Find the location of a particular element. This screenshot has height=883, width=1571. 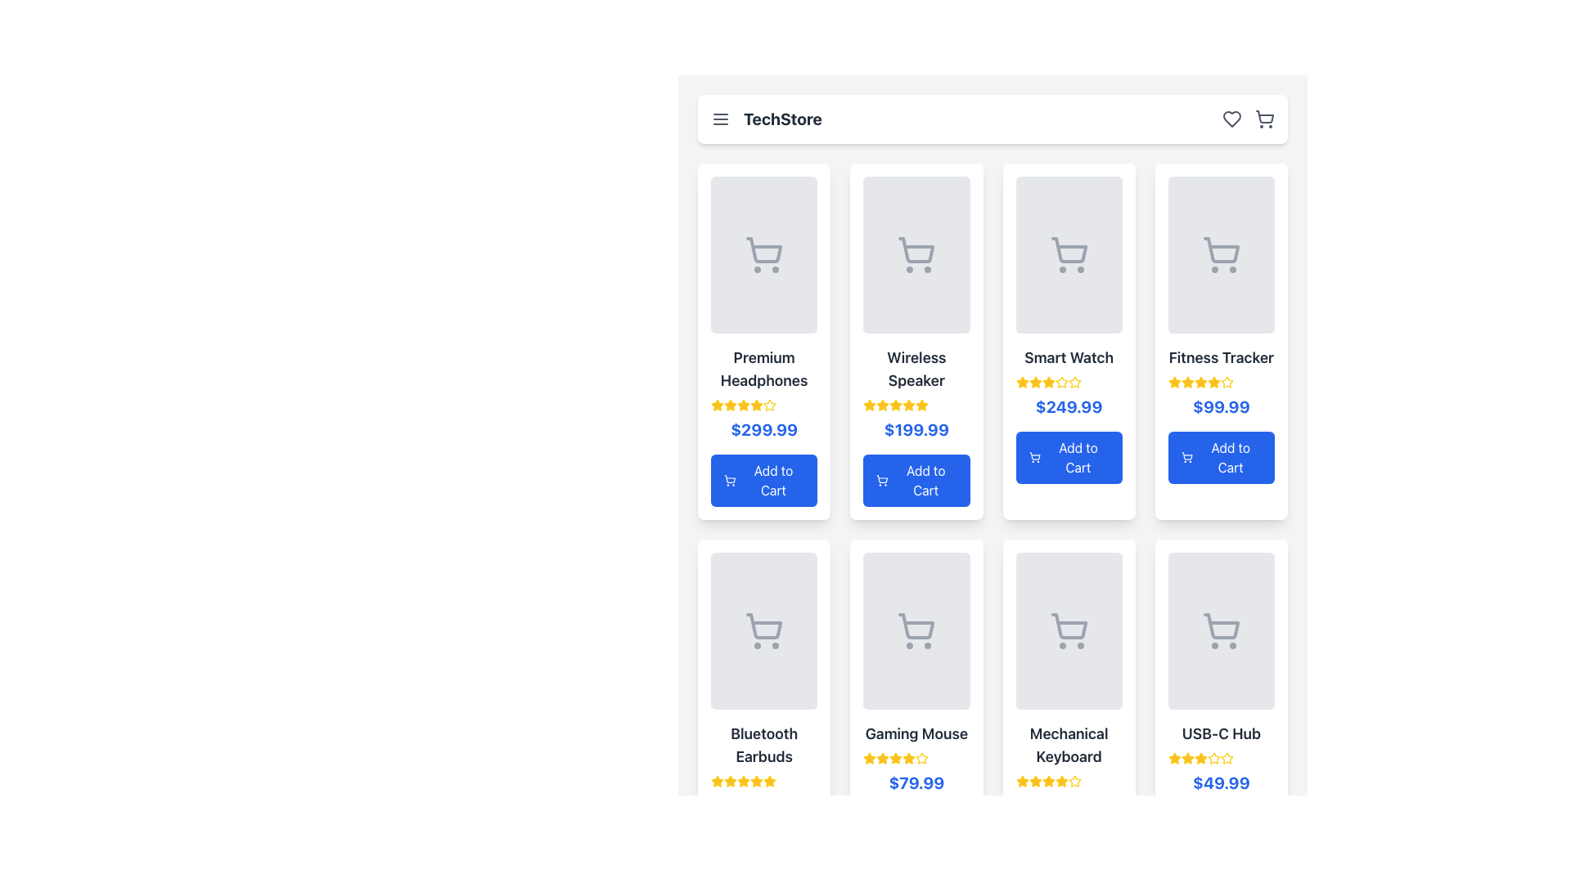

the third star in the rating section for the 'USB-C Hub' is located at coordinates (1187, 759).